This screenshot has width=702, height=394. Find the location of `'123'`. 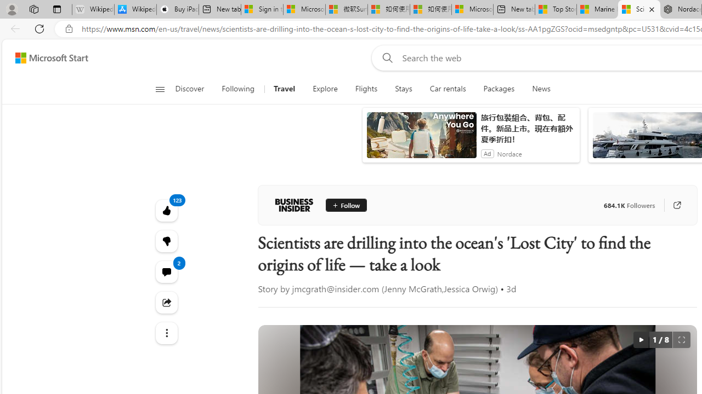

'123' is located at coordinates (166, 241).